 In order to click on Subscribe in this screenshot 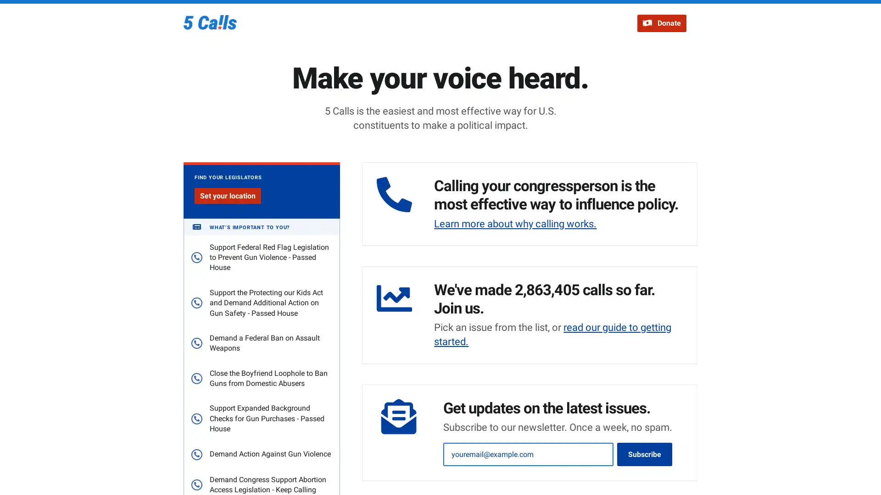, I will do `click(643, 454)`.